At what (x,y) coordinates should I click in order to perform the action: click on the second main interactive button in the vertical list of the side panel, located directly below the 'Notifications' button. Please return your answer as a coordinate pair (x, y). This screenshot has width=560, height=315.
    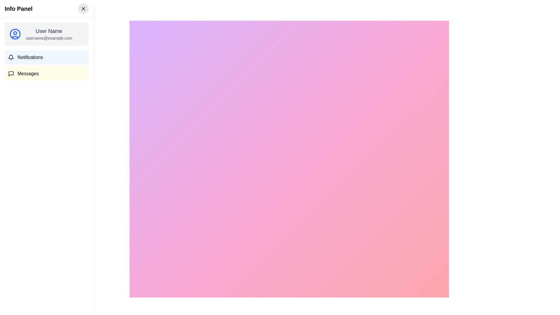
    Looking at the image, I should click on (46, 73).